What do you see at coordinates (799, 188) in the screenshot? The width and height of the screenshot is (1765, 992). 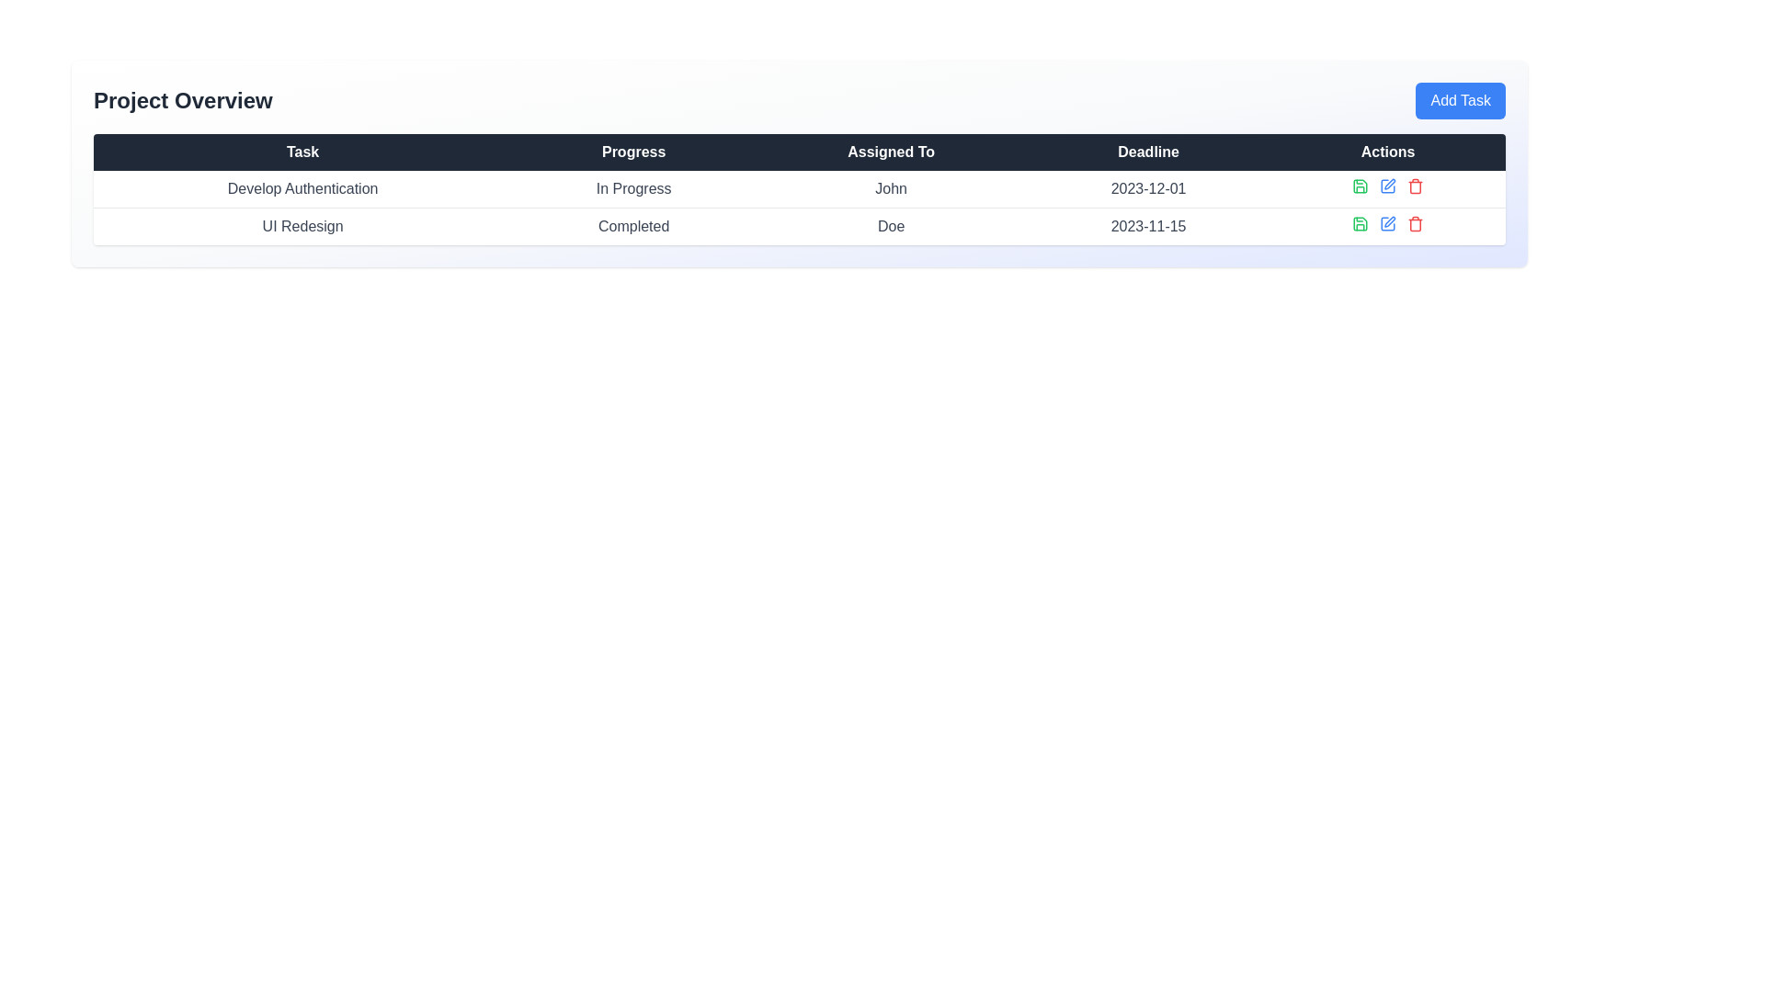 I see `the first row of the data table displaying task details, specifically the row containing 'Develop Authentication' under 'Task', 'In Progress' under 'Progress', 'John' under 'Assigned To', and '2023-12-01' under 'Deadline'` at bounding box center [799, 188].